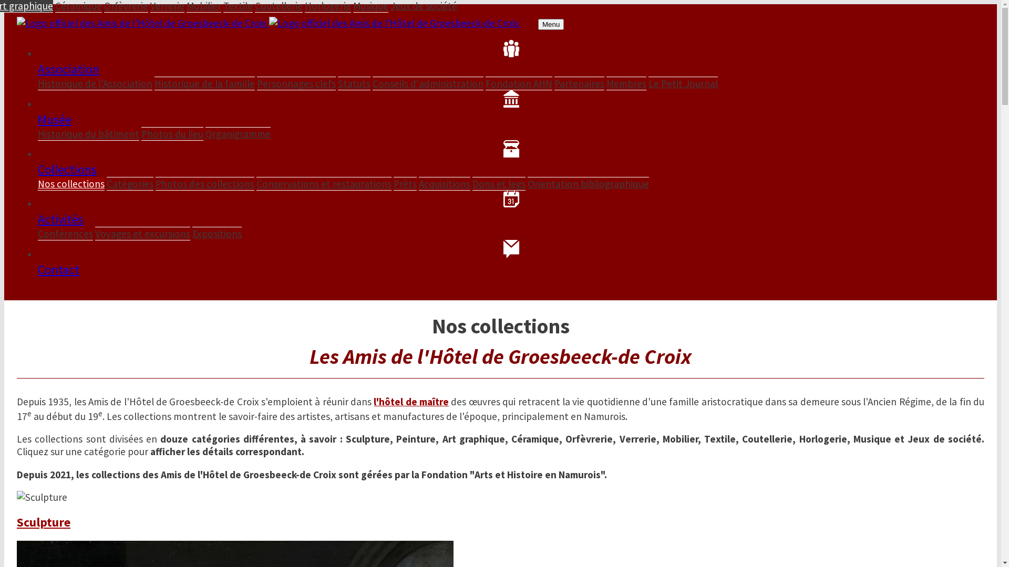  I want to click on 'Photos du lieu', so click(140, 133).